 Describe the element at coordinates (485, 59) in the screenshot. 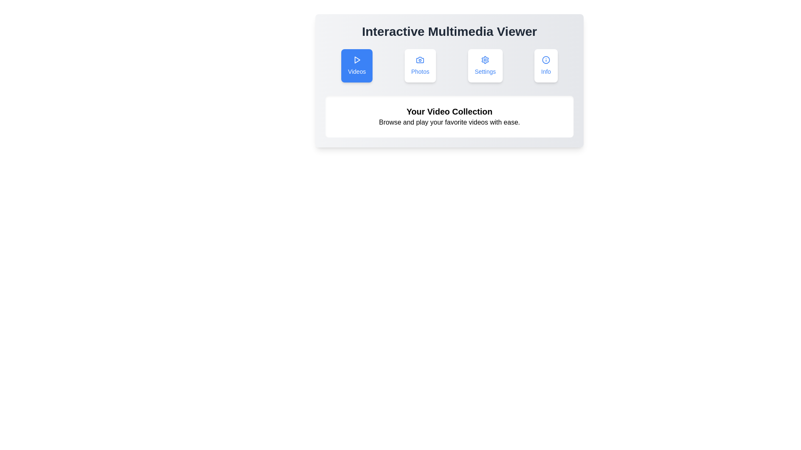

I see `the settings icon located above the 'Settings' text in the navigation panel of the multimedia viewer application, positioned between the 'Photos' and 'Info' options` at that location.